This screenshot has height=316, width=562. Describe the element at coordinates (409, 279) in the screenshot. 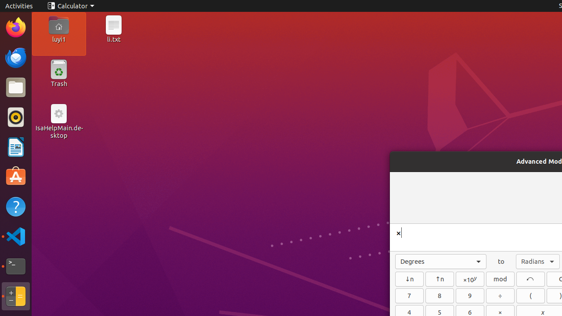

I see `'Subscript'` at that location.